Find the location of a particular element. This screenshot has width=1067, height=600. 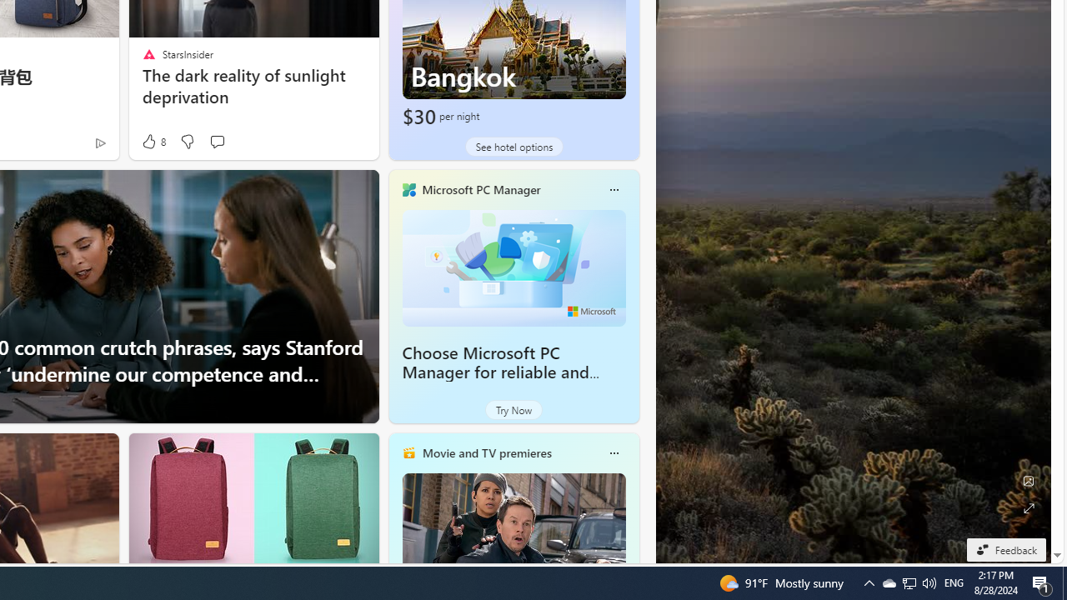

'Microsoft PC Manager' is located at coordinates (480, 188).